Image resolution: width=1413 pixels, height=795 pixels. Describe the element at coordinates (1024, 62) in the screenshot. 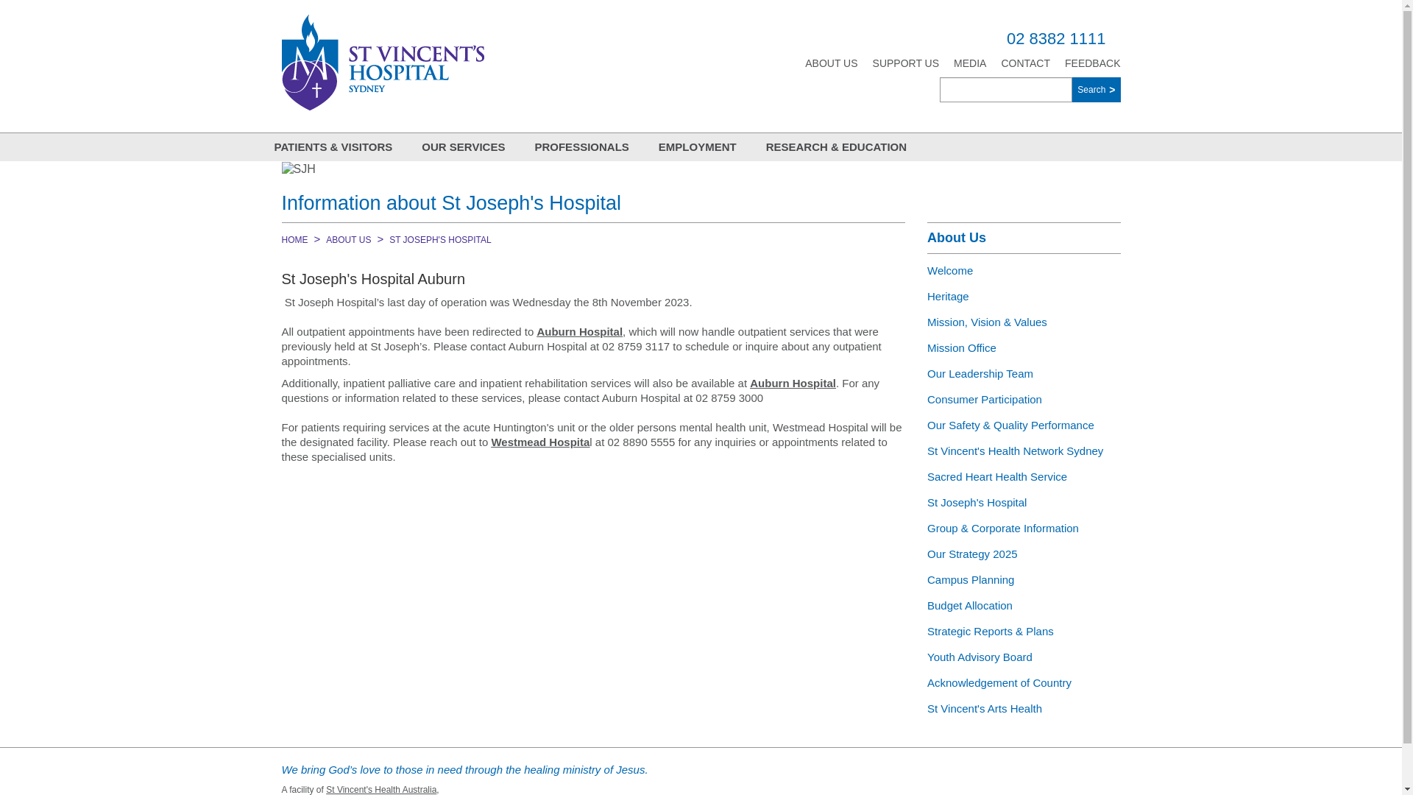

I see `'CONTACT'` at that location.